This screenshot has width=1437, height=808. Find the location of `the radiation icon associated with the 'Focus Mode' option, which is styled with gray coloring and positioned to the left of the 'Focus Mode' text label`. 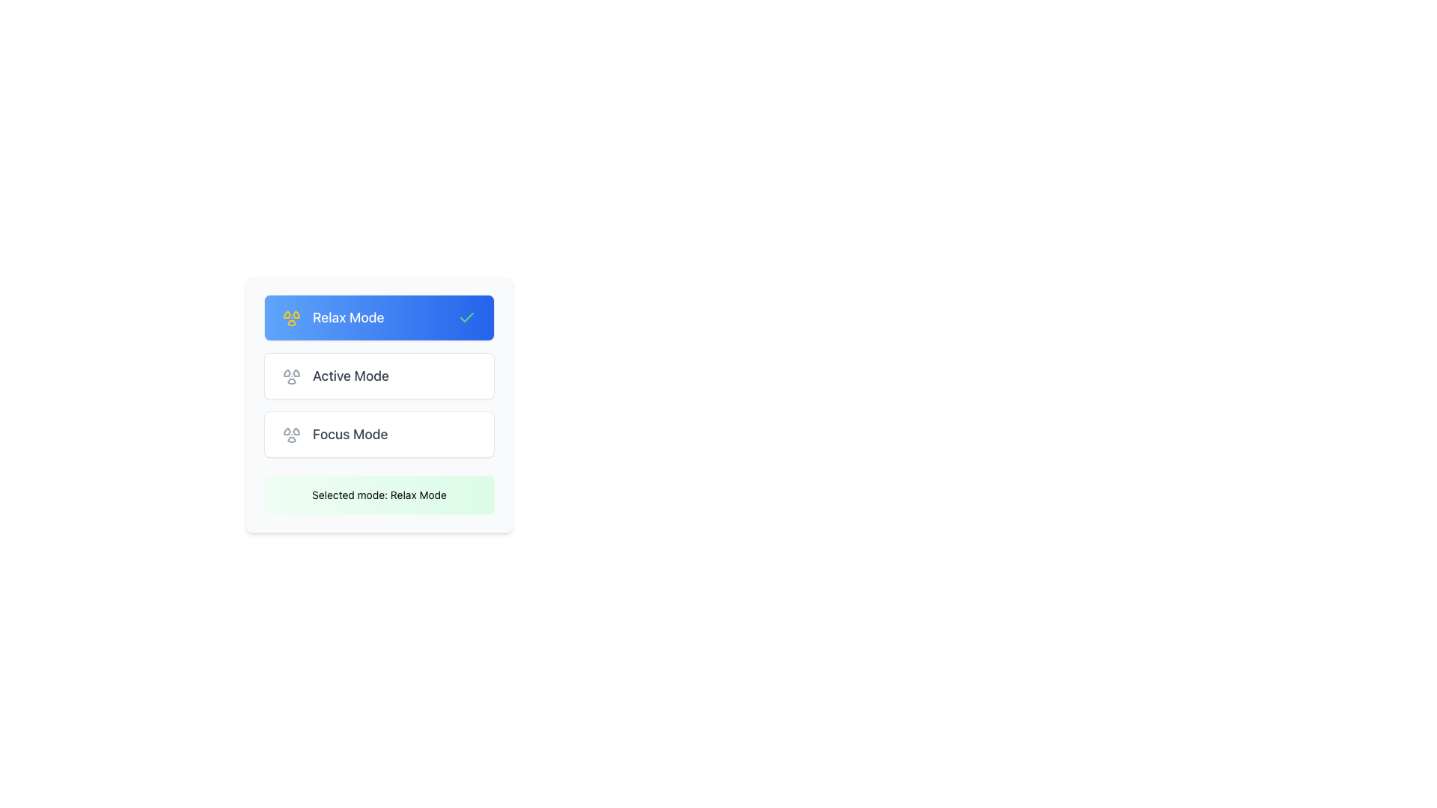

the radiation icon associated with the 'Focus Mode' option, which is styled with gray coloring and positioned to the left of the 'Focus Mode' text label is located at coordinates (291, 435).